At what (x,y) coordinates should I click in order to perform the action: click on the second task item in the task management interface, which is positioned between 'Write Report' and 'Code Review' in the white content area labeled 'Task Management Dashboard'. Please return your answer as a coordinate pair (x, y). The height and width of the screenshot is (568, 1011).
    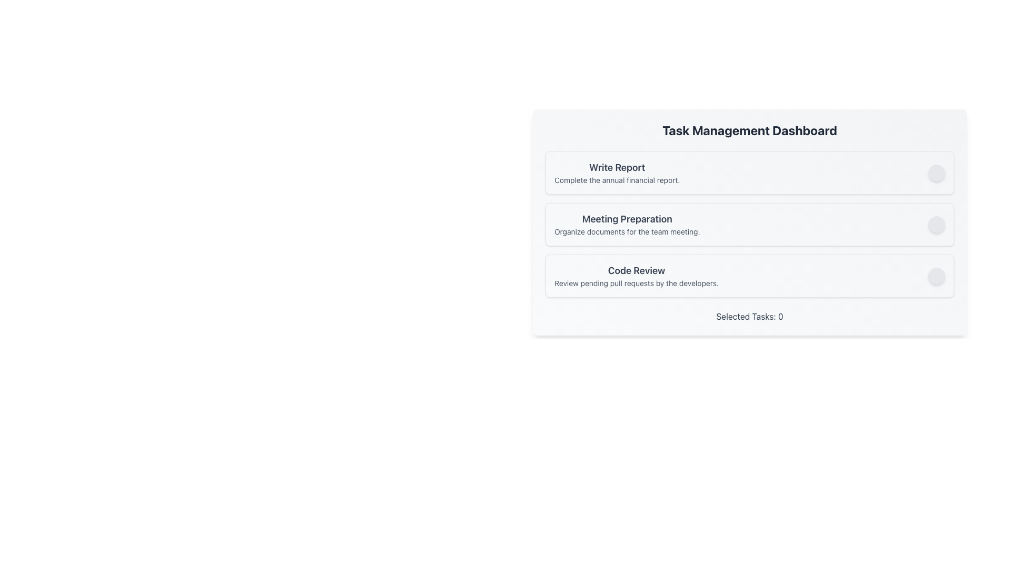
    Looking at the image, I should click on (749, 224).